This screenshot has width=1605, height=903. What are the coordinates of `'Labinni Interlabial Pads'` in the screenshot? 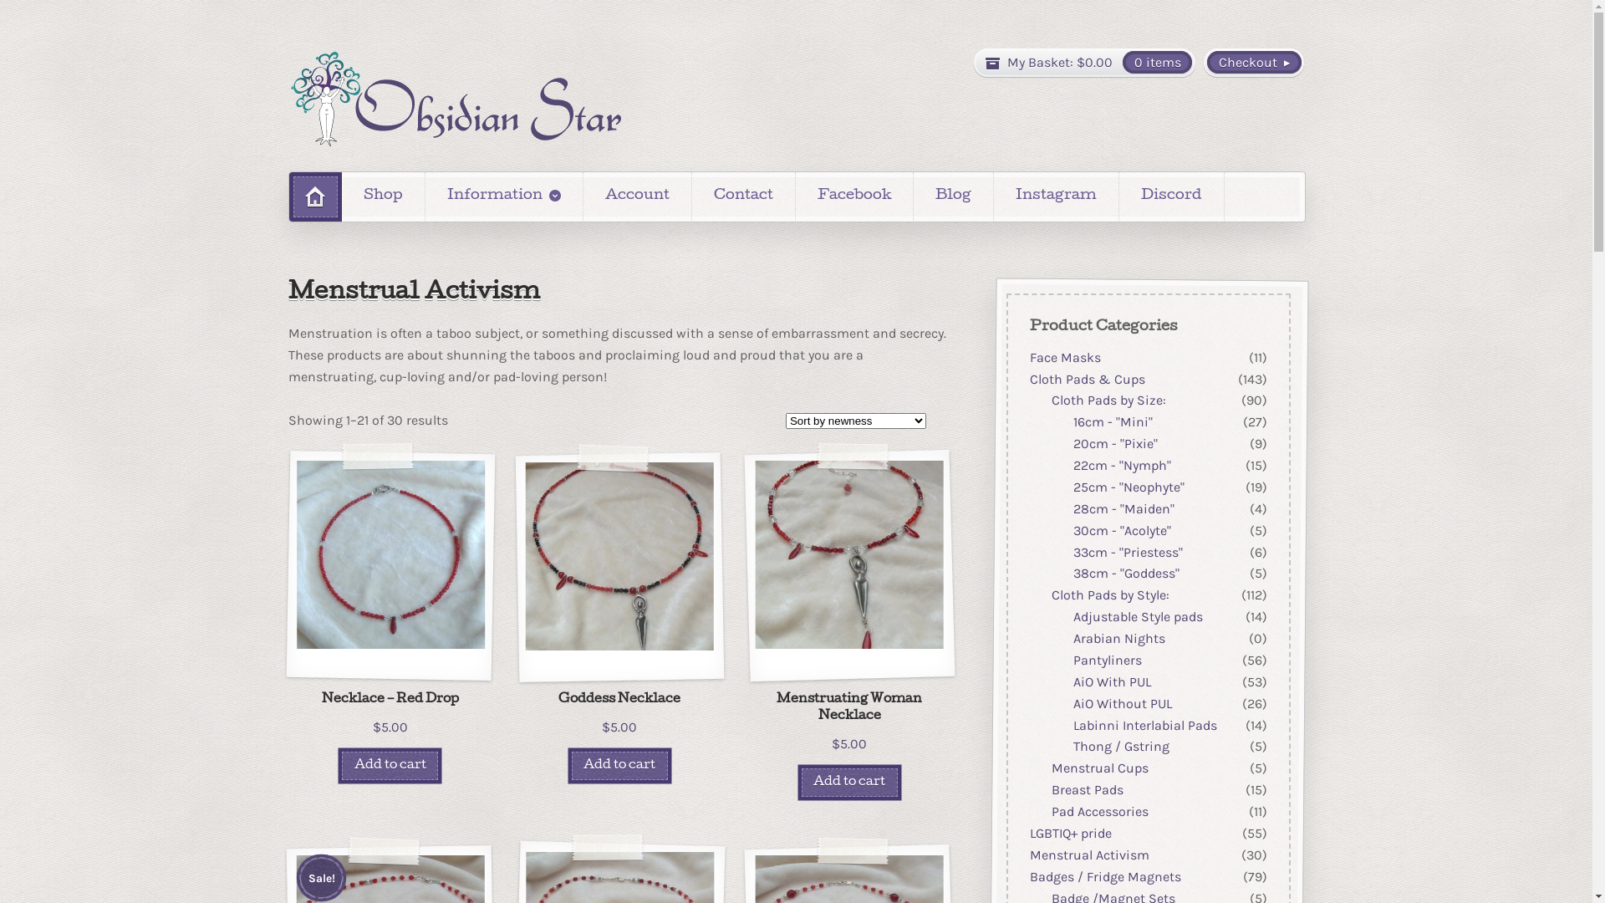 It's located at (1143, 724).